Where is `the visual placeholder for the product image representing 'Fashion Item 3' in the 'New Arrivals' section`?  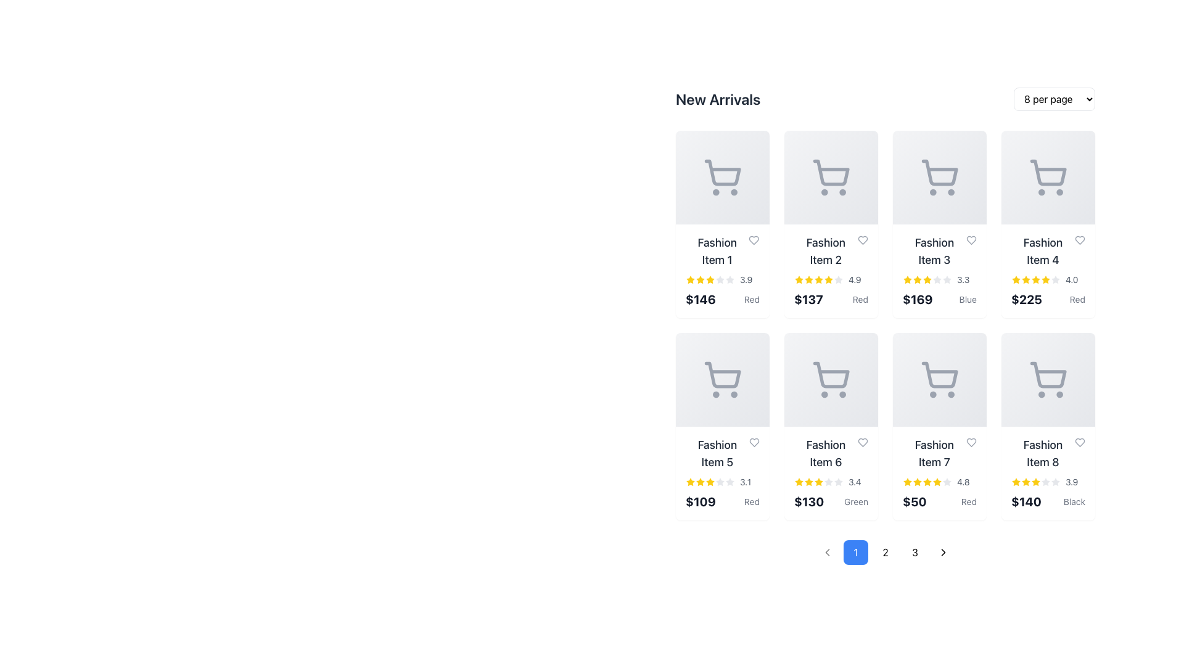 the visual placeholder for the product image representing 'Fashion Item 3' in the 'New Arrivals' section is located at coordinates (939, 178).